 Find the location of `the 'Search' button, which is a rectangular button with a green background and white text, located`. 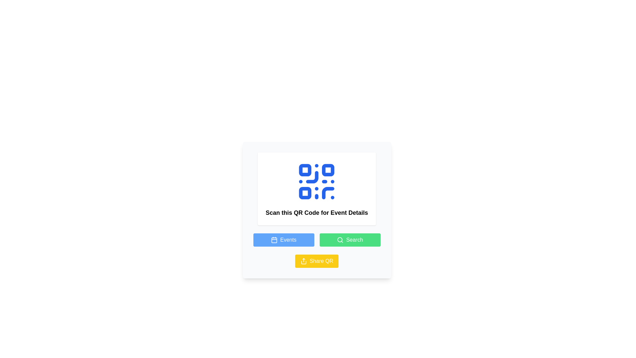

the 'Search' button, which is a rectangular button with a green background and white text, located is located at coordinates (349, 240).